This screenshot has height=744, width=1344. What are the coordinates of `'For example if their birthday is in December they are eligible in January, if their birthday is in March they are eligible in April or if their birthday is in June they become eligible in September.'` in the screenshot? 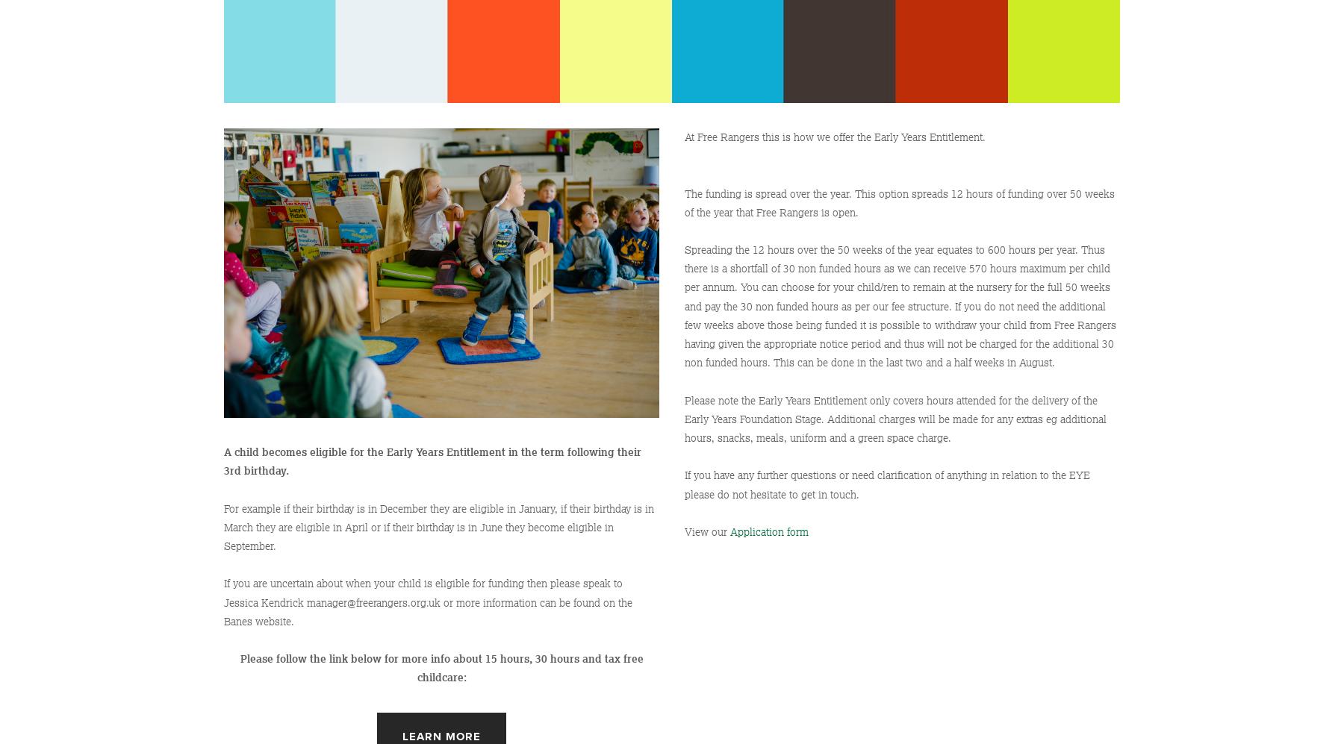 It's located at (441, 525).